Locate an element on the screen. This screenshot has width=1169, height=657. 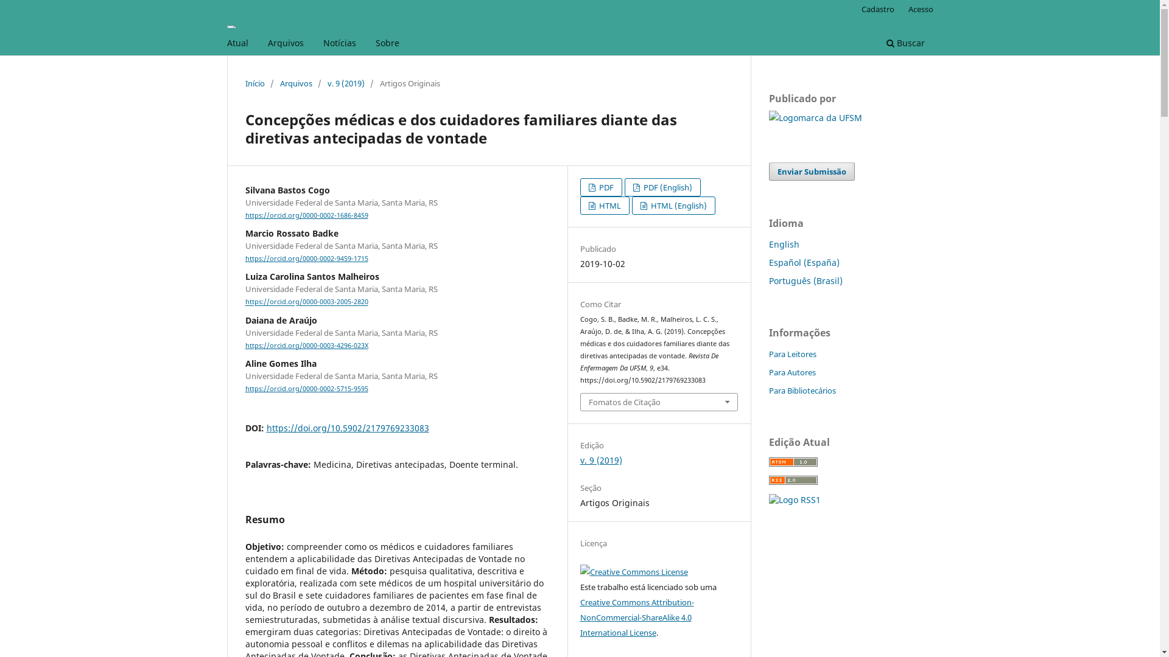
'Buscar' is located at coordinates (905, 44).